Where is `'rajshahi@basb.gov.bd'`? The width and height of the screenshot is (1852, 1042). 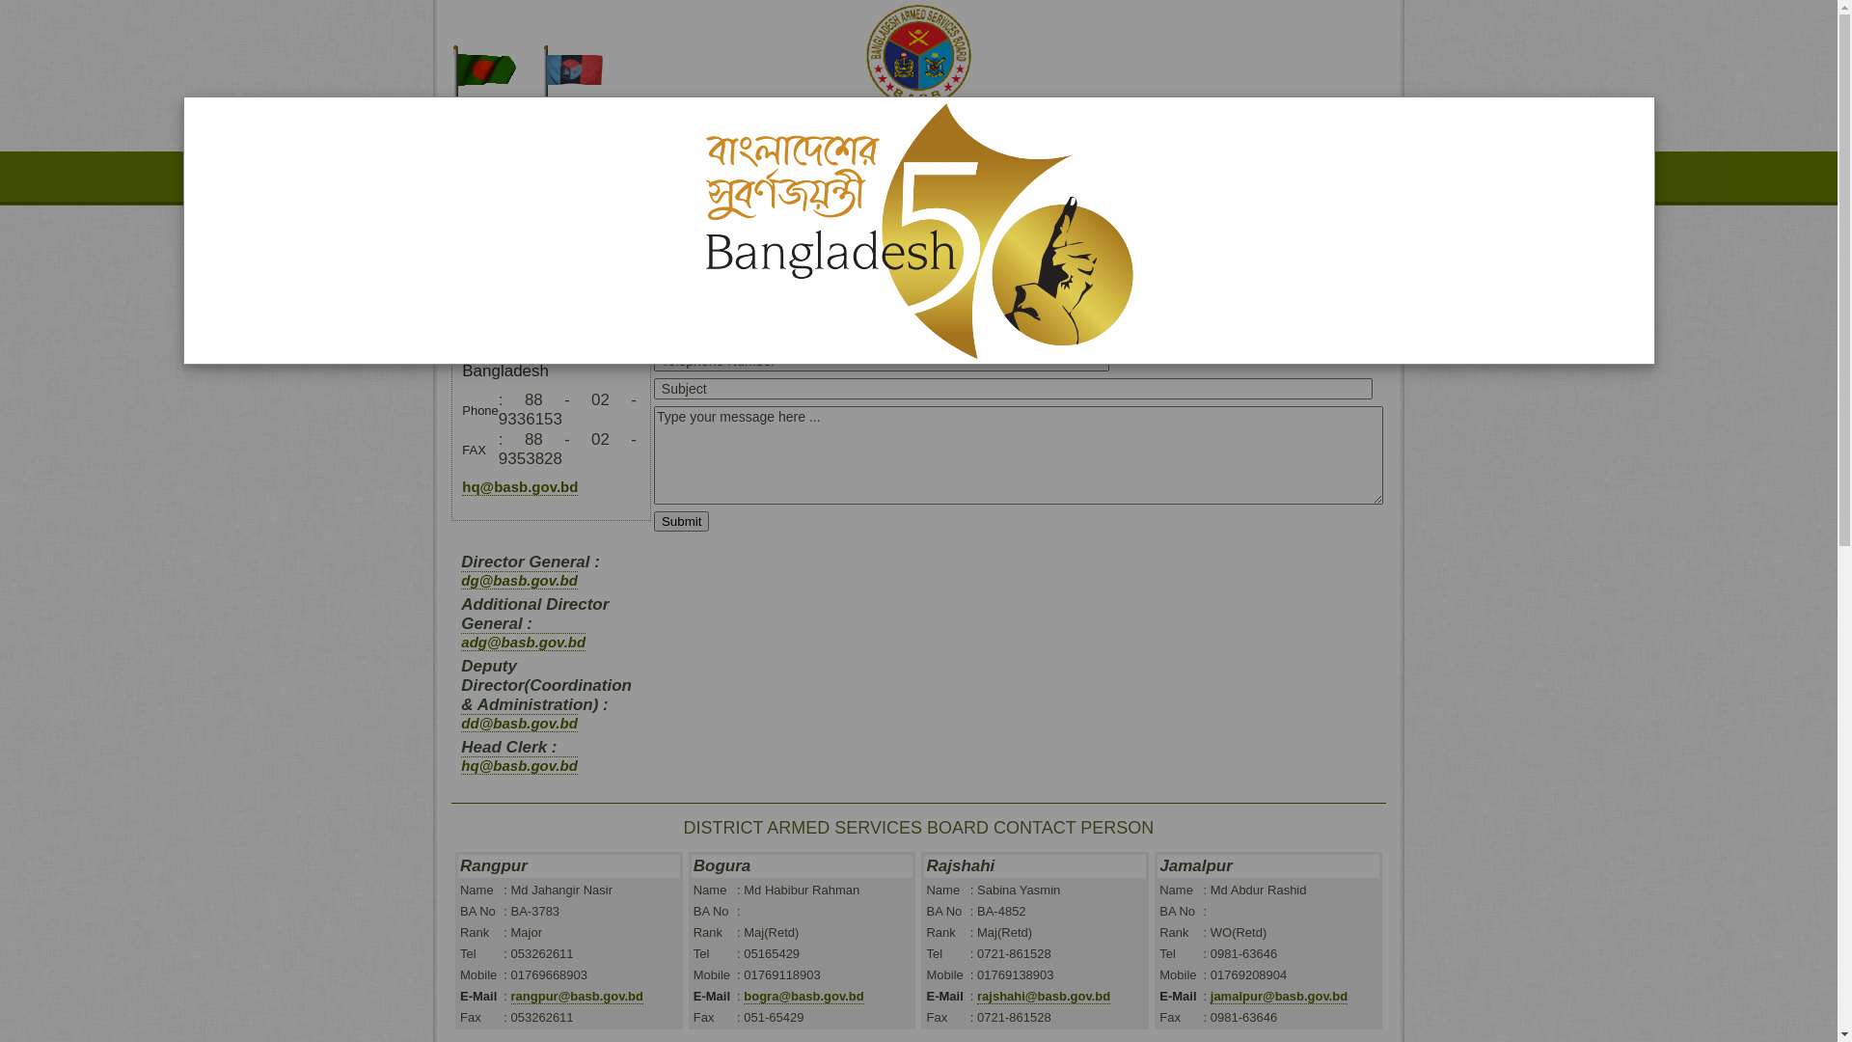 'rajshahi@basb.gov.bd' is located at coordinates (1042, 997).